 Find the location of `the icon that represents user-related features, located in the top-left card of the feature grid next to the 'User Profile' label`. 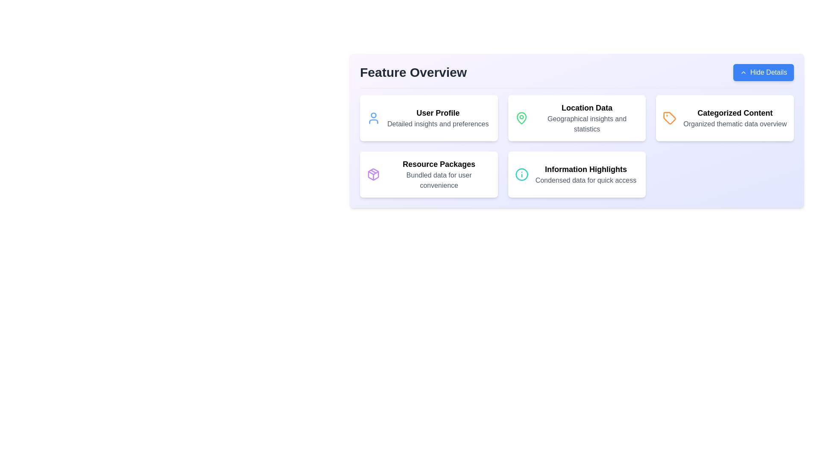

the icon that represents user-related features, located in the top-left card of the feature grid next to the 'User Profile' label is located at coordinates (373, 118).